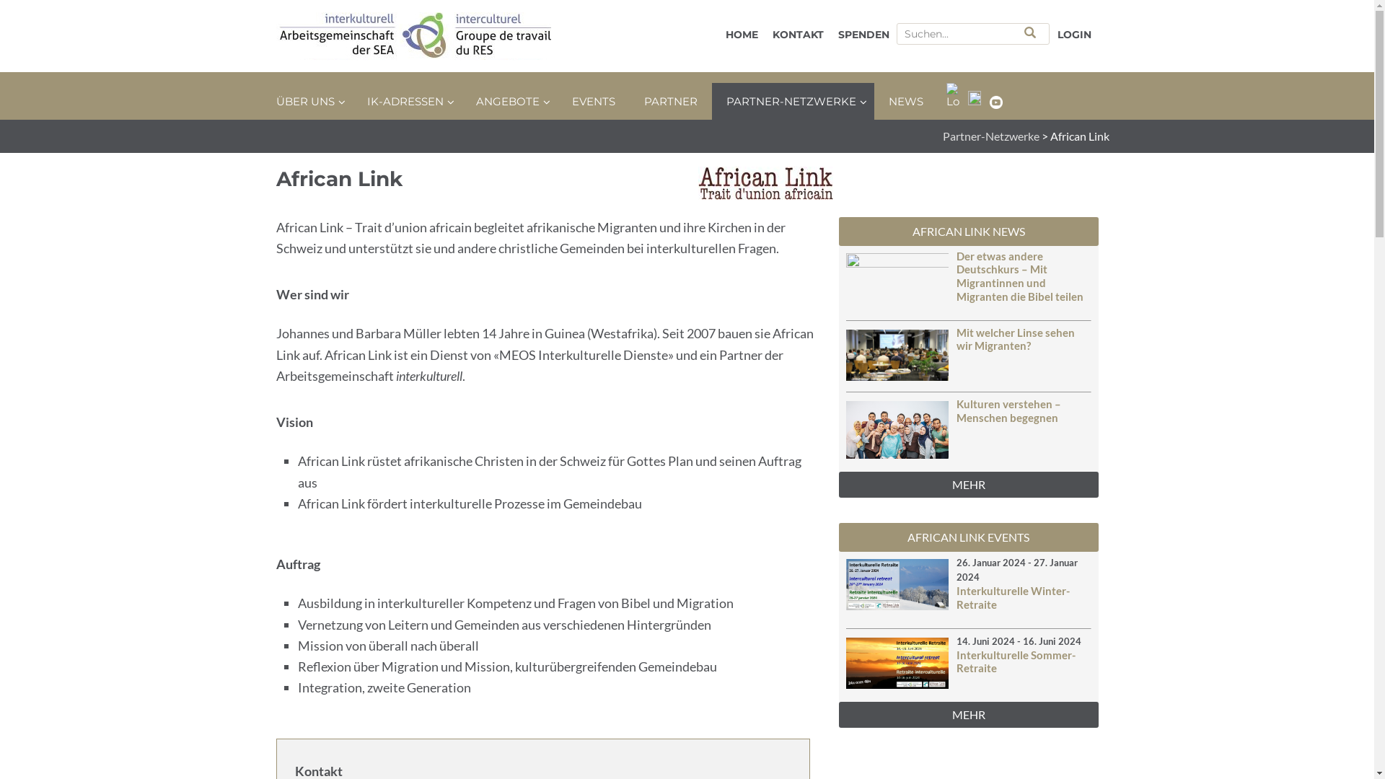 The image size is (1385, 779). What do you see at coordinates (831, 33) in the screenshot?
I see `'SPENDEN'` at bounding box center [831, 33].